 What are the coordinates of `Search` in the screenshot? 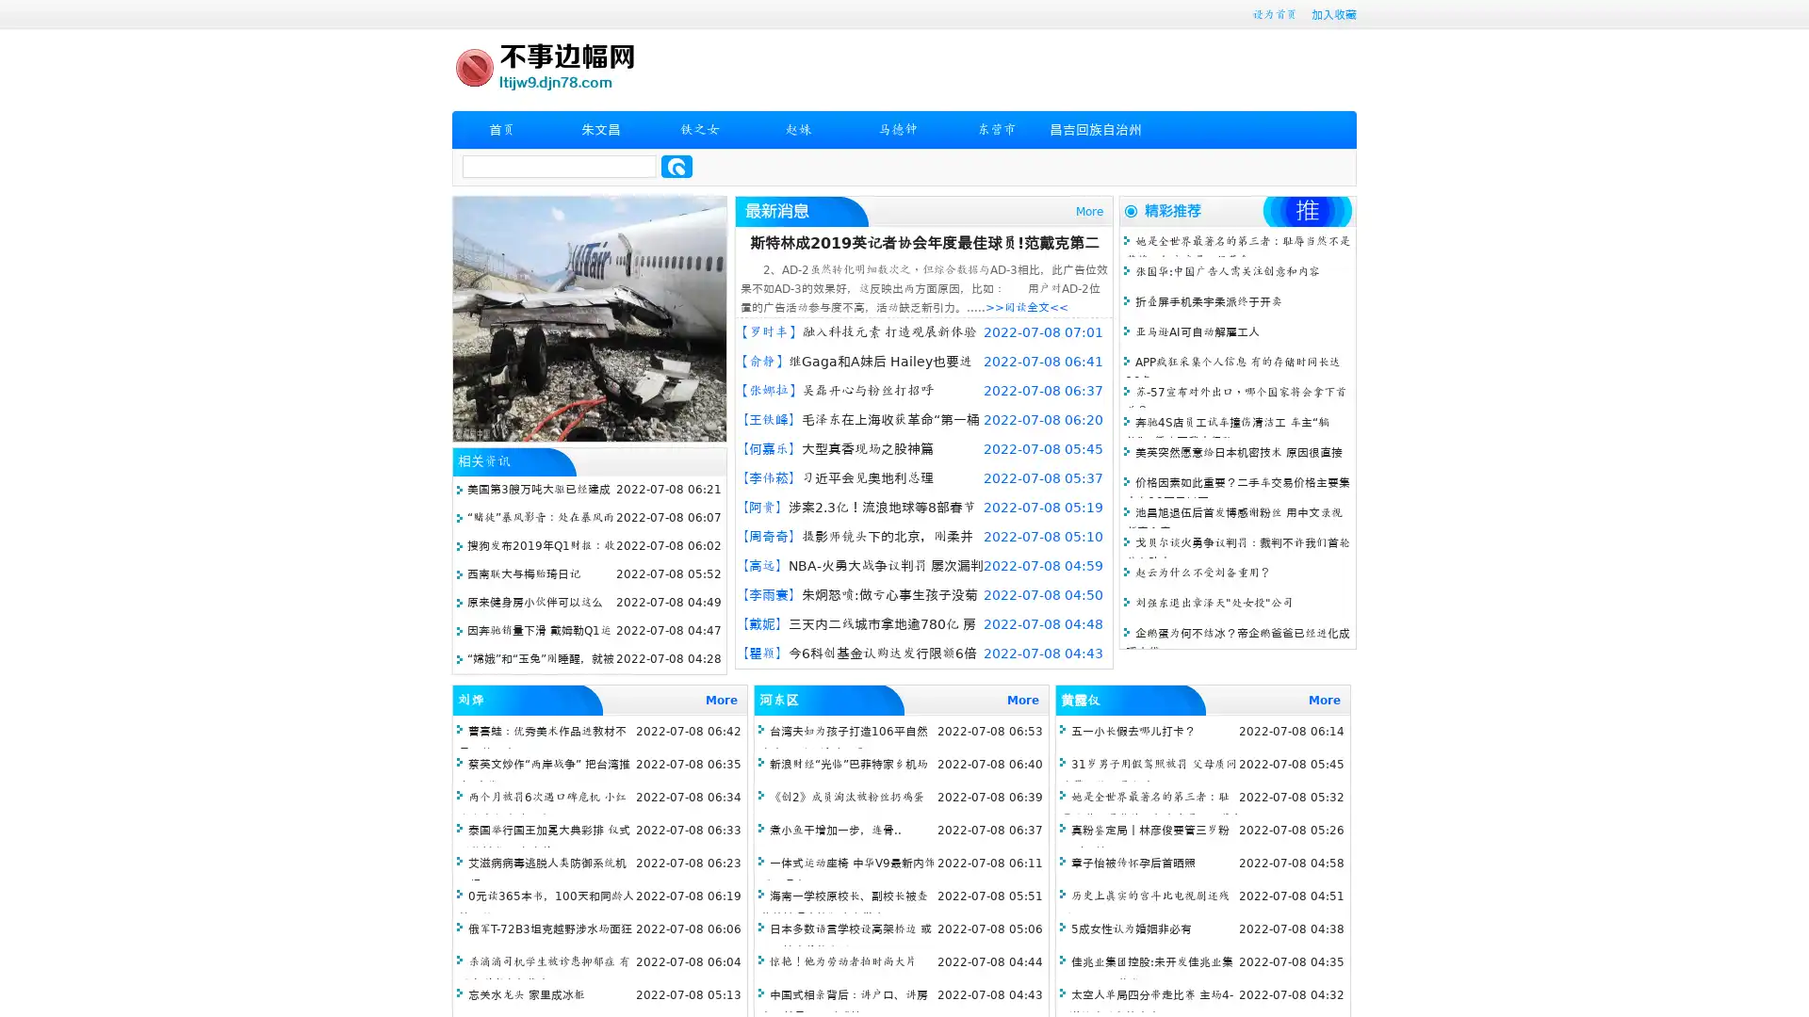 It's located at (676, 166).